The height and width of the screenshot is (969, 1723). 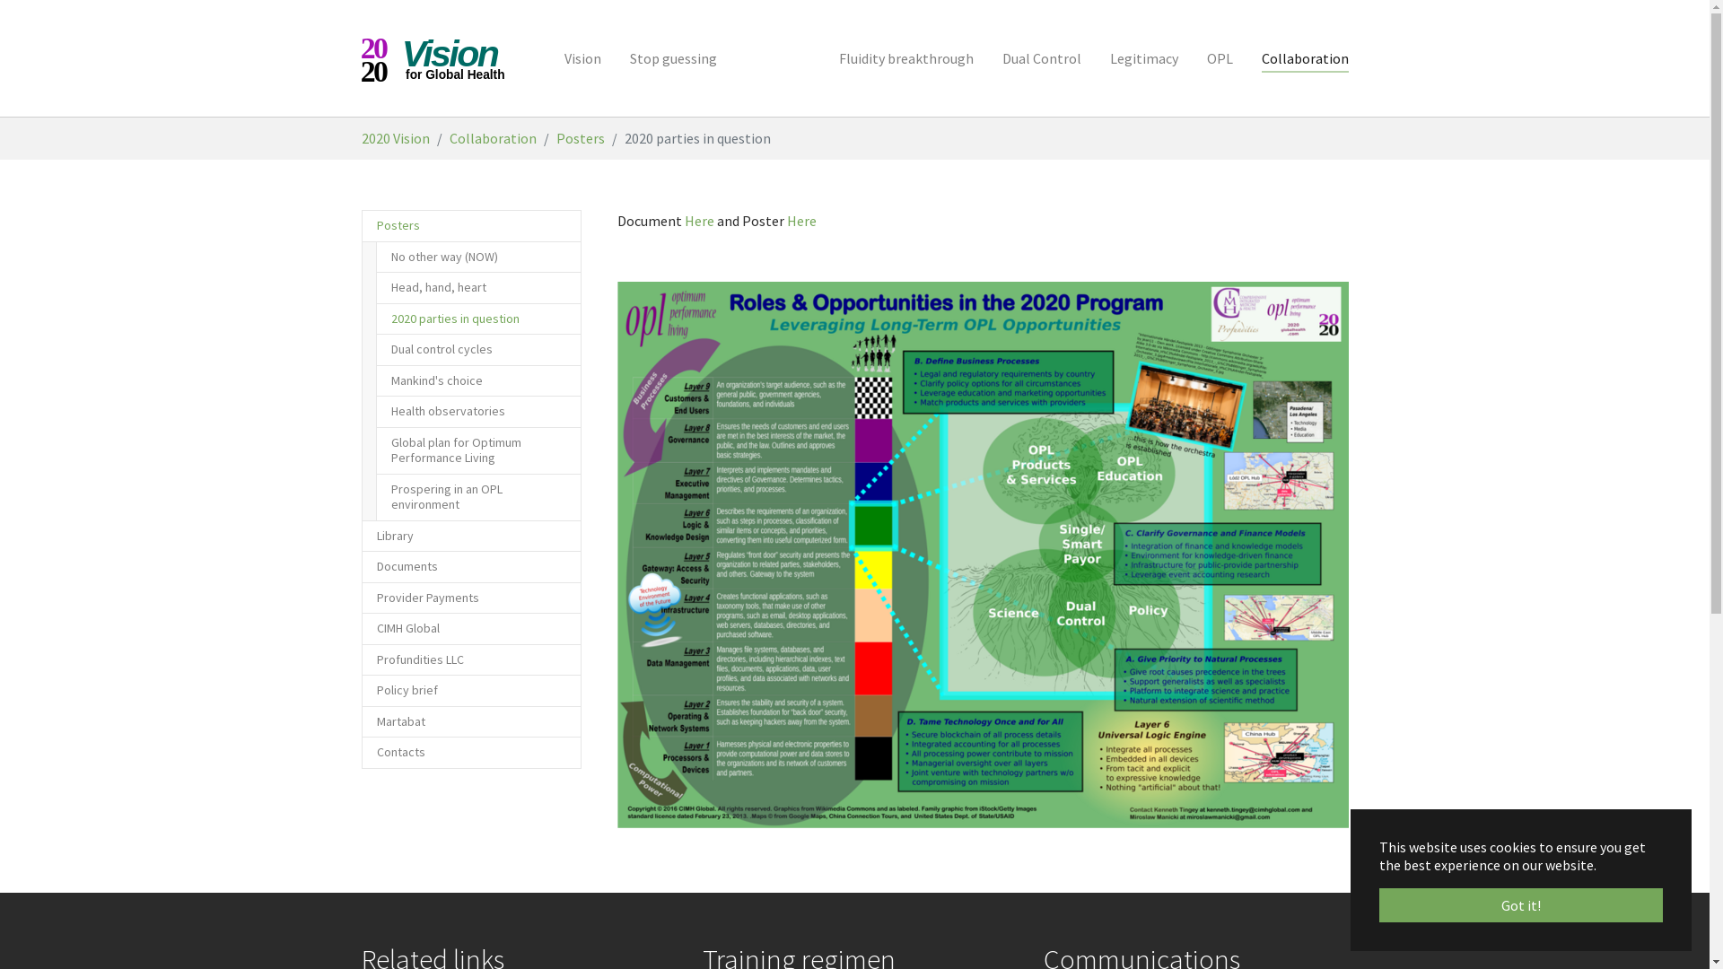 What do you see at coordinates (360, 753) in the screenshot?
I see `'Contacts'` at bounding box center [360, 753].